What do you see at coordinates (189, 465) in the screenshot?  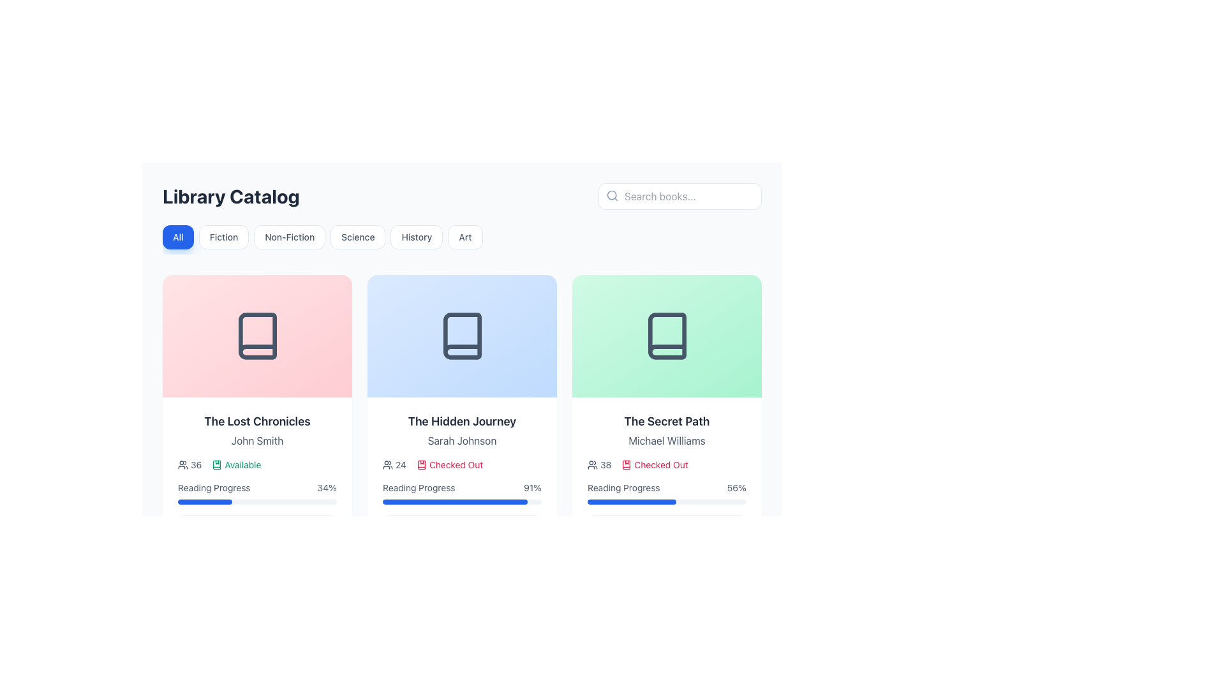 I see `the user count displayed in the text-and-icon component located below the title 'The Lost Chronicles' on the first book card in the grid layout` at bounding box center [189, 465].